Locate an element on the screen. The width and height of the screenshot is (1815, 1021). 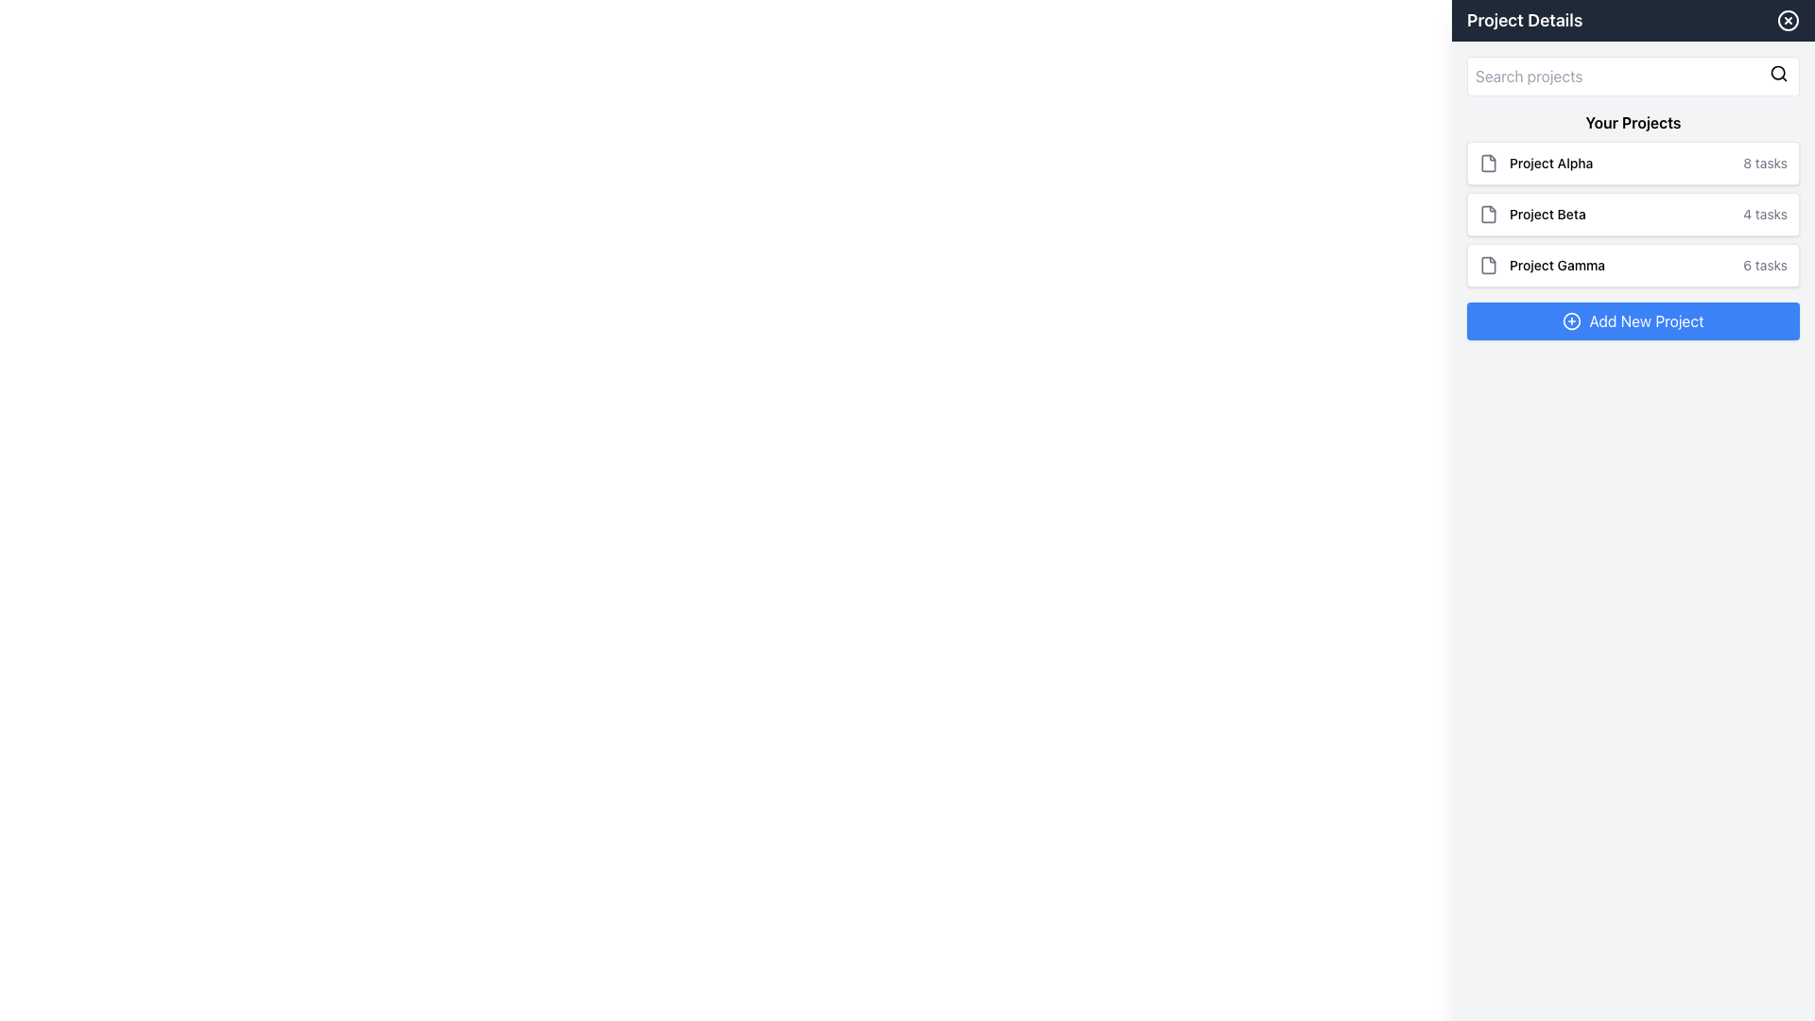
the circular SVG element within the search icon, which denotes search functionalities, located to the right of the 'Search Projects' input field in the 'Project Details' panel is located at coordinates (1777, 72).